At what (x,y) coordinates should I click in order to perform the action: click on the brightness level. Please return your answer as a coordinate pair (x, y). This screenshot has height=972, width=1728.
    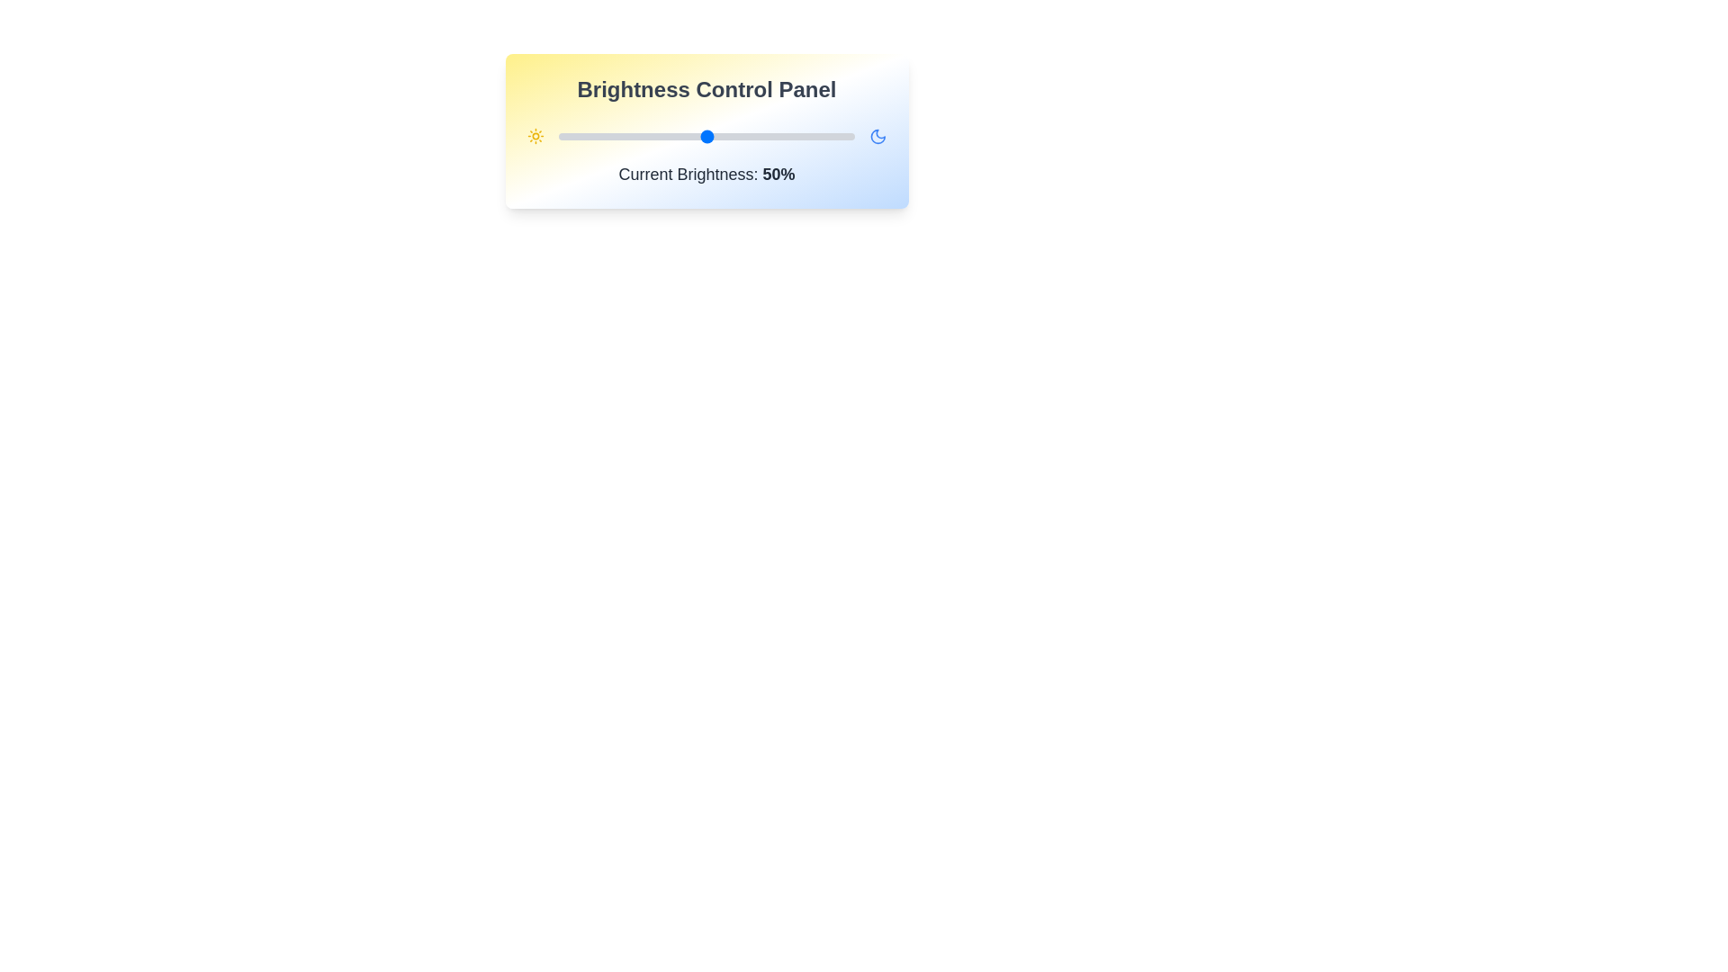
    Looking at the image, I should click on (806, 135).